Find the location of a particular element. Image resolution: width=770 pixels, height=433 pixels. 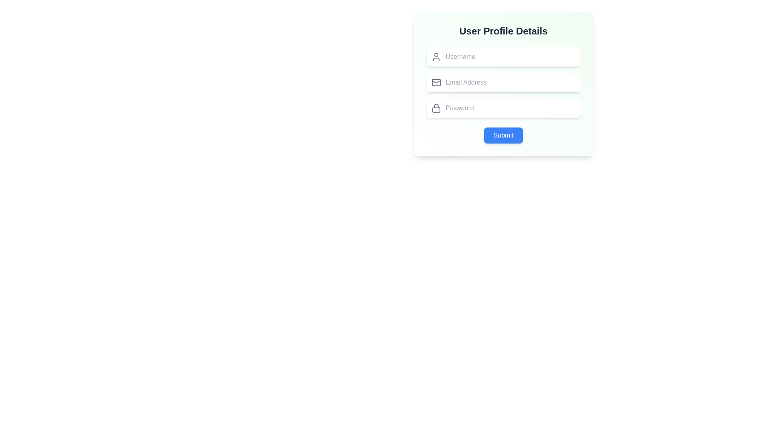

the security icon located to the left of the password input field in the 'User Profile Details' form is located at coordinates (436, 108).